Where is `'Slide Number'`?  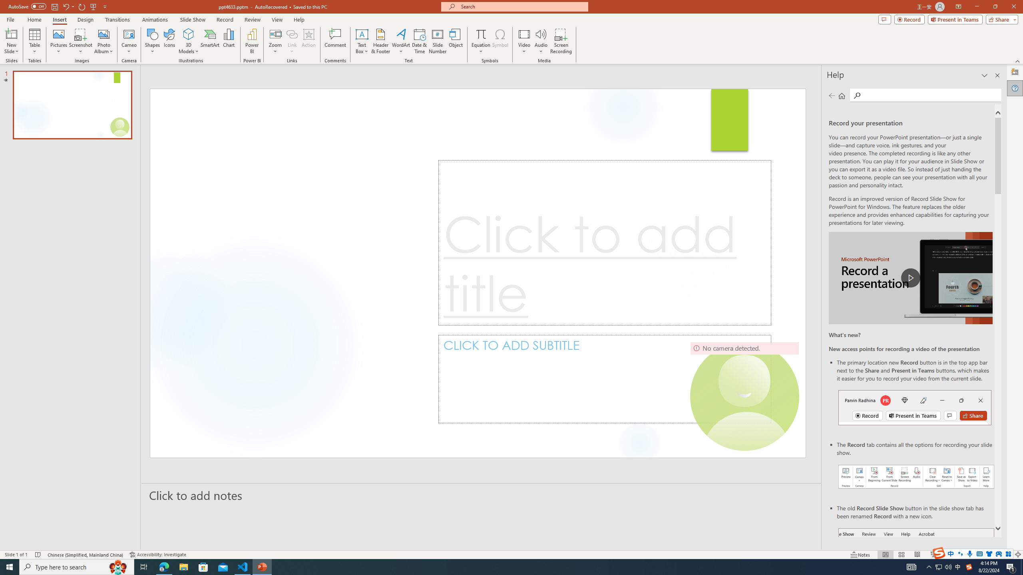 'Slide Number' is located at coordinates (437, 41).